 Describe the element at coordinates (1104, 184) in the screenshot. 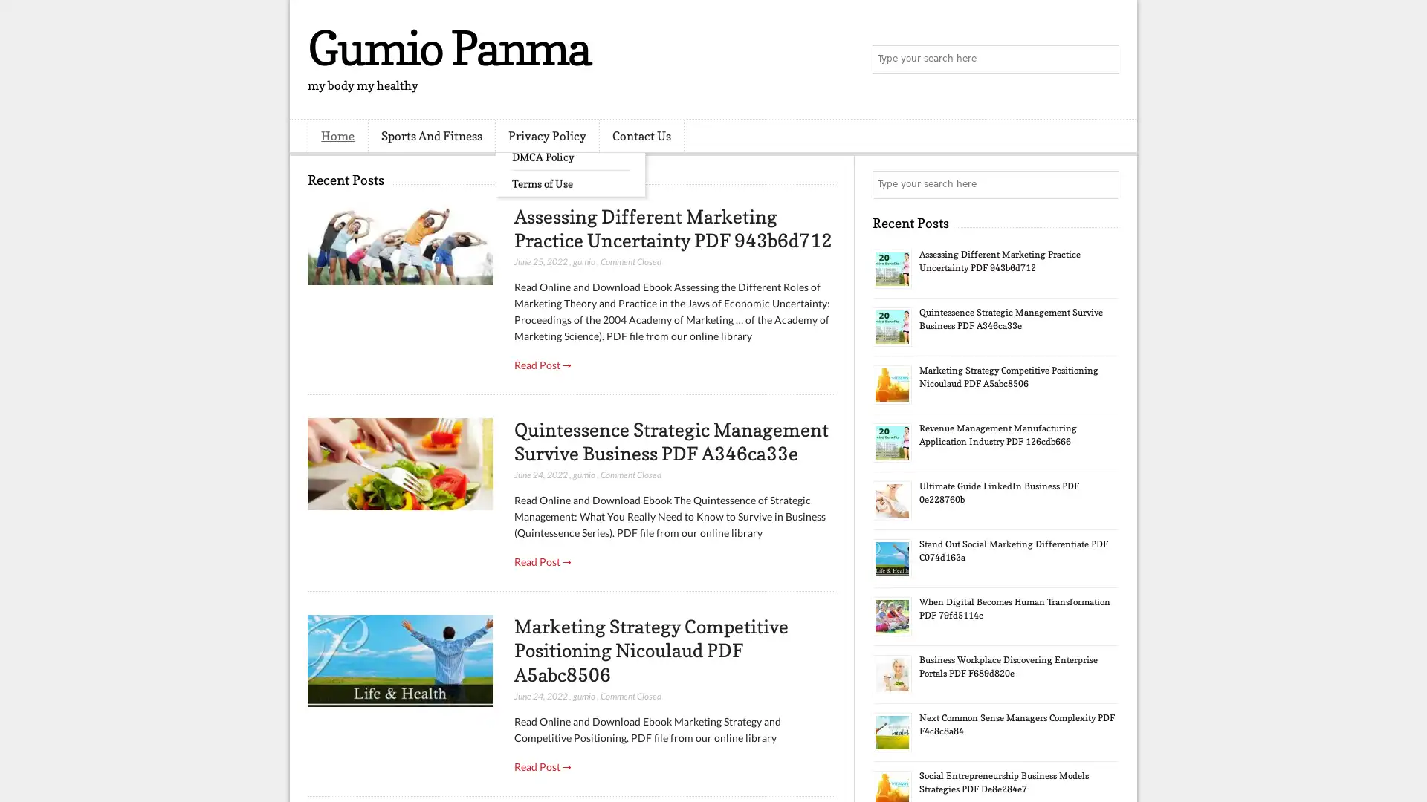

I see `Search` at that location.